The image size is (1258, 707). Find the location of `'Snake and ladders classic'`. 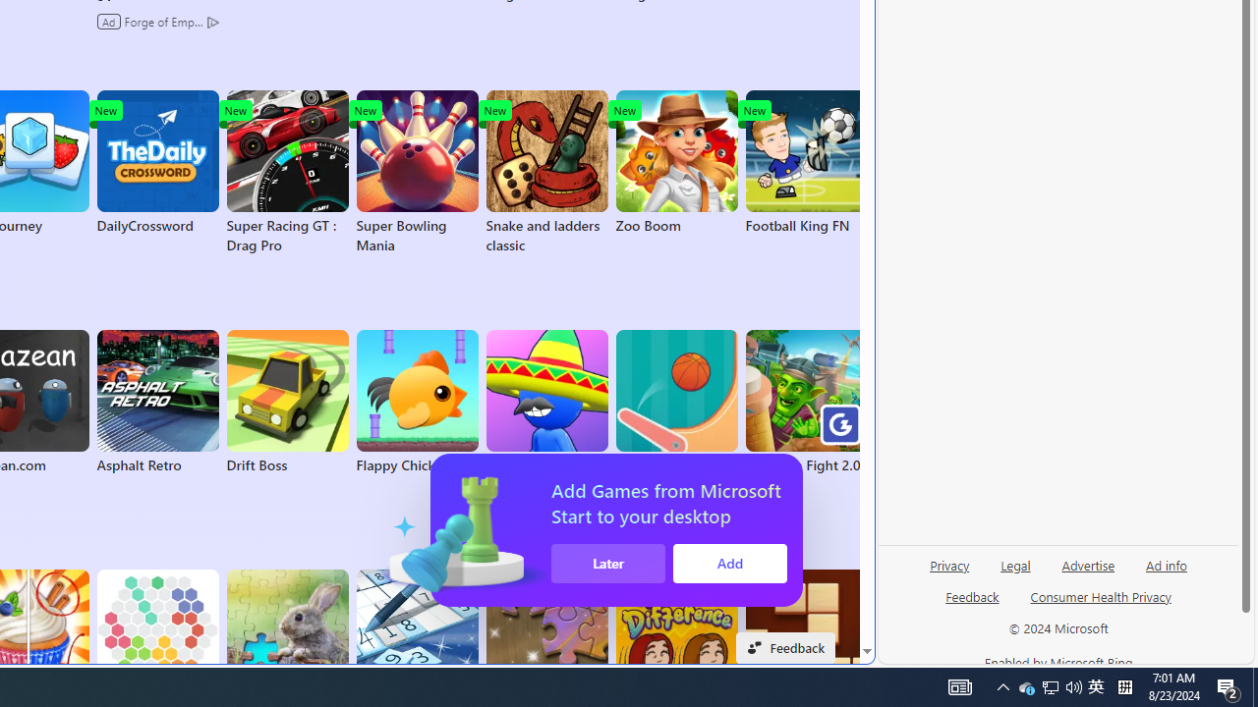

'Snake and ladders classic' is located at coordinates (546, 172).